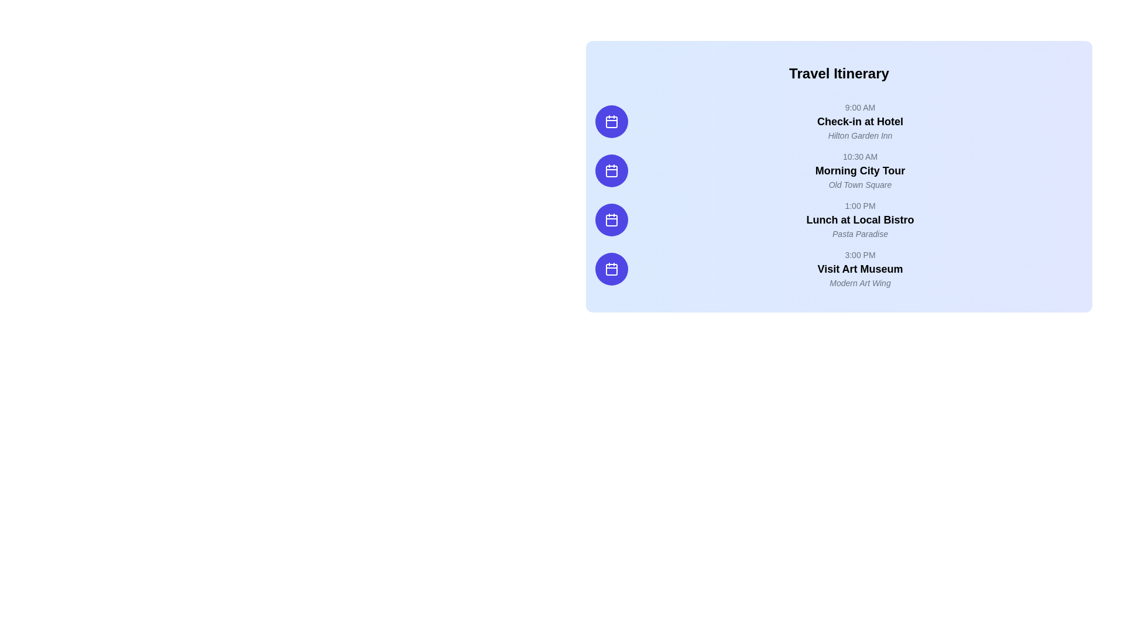  I want to click on the first Timeline Item in the vertical timeline list on the right-hand side of the page, so click(838, 122).